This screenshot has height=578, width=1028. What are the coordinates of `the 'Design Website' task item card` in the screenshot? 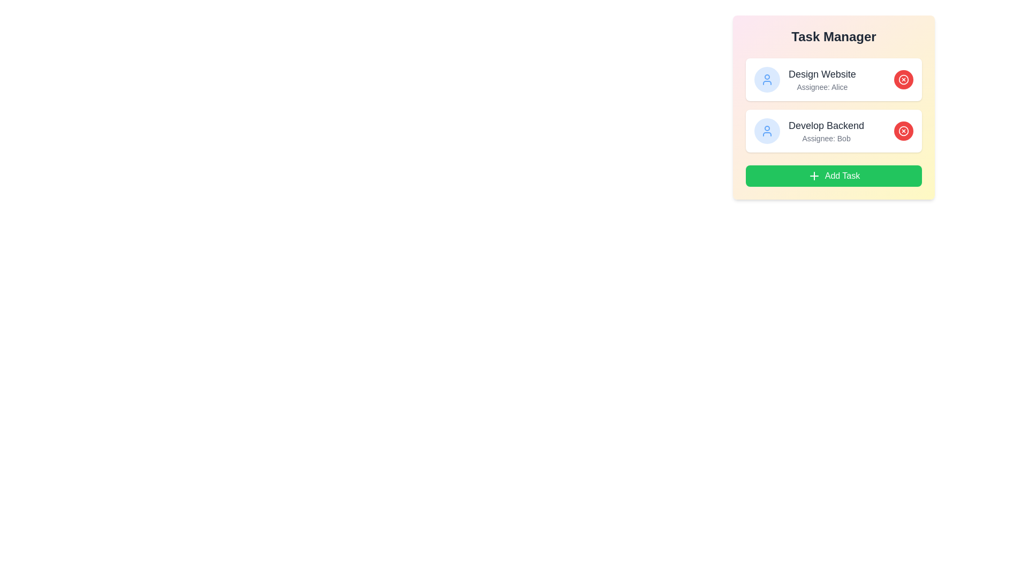 It's located at (833, 79).